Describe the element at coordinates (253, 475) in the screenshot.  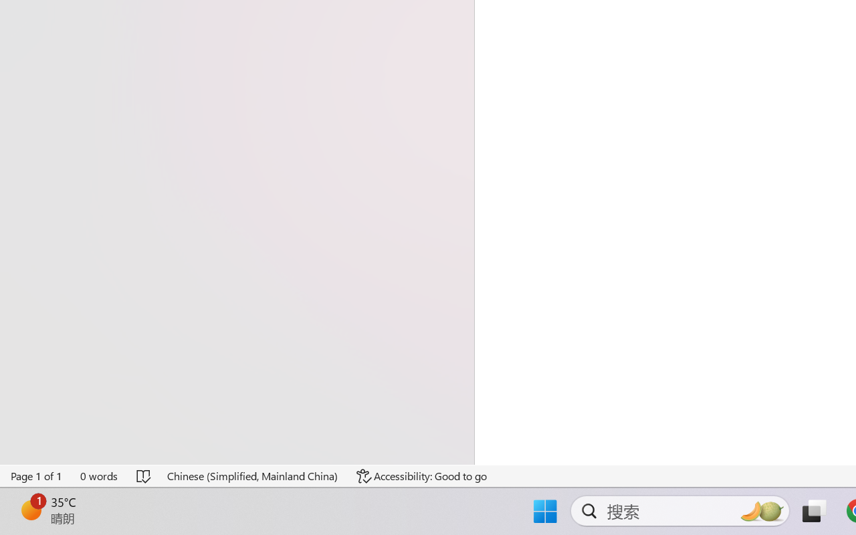
I see `'Language Chinese (Simplified, Mainland China)'` at that location.